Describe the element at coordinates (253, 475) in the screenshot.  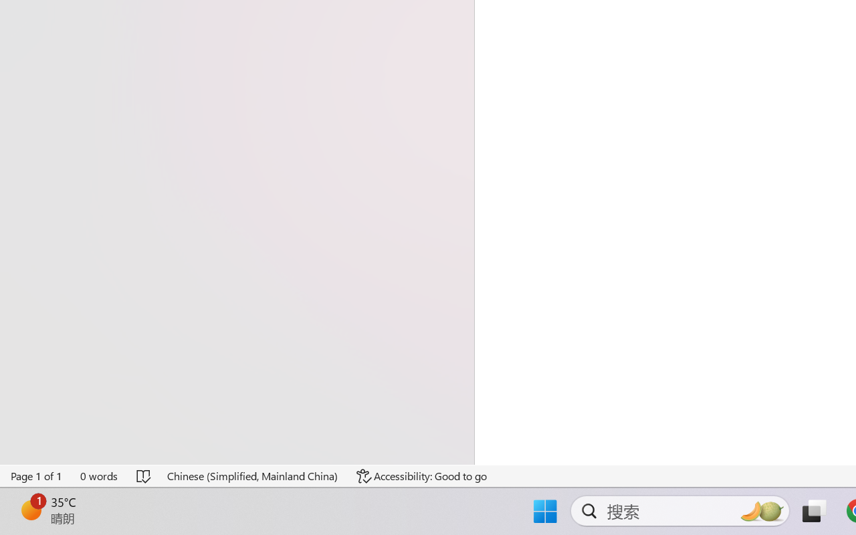
I see `'Language Chinese (Simplified, Mainland China)'` at that location.